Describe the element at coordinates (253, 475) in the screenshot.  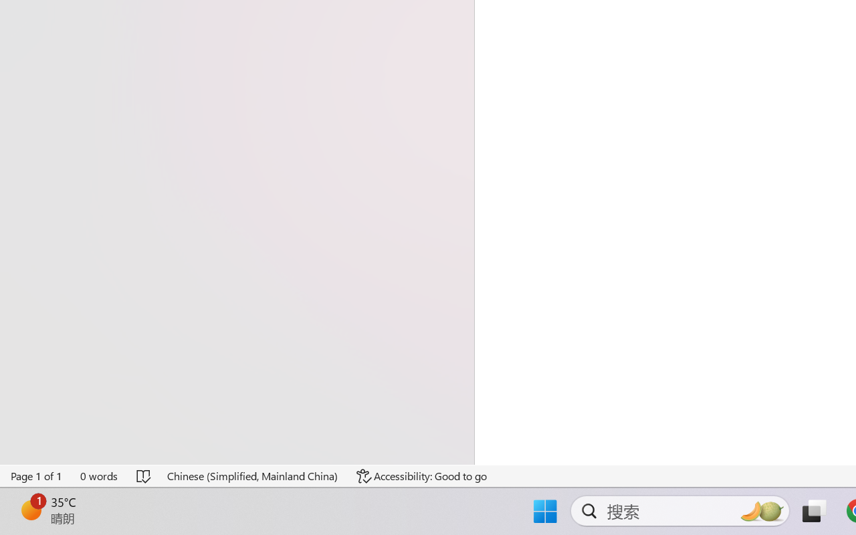
I see `'Language Chinese (Simplified, Mainland China)'` at that location.